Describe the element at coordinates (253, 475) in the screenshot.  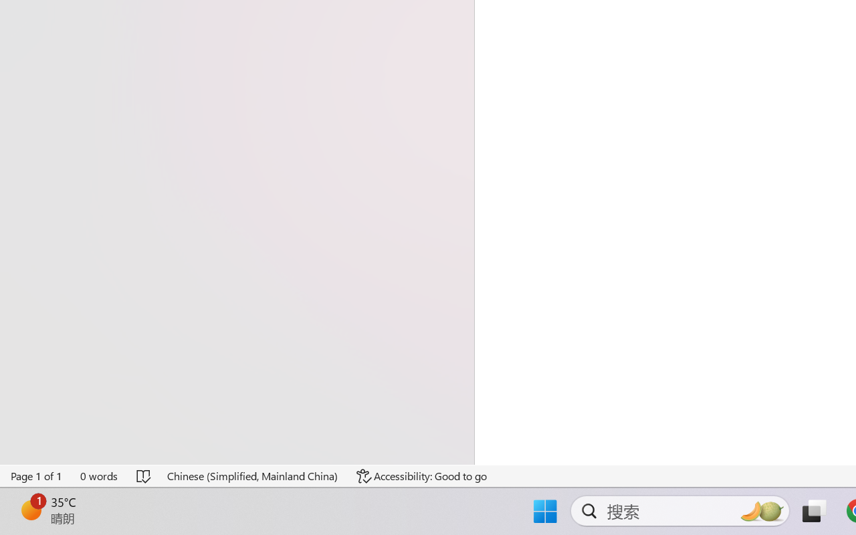
I see `'Language Chinese (Simplified, Mainland China)'` at that location.